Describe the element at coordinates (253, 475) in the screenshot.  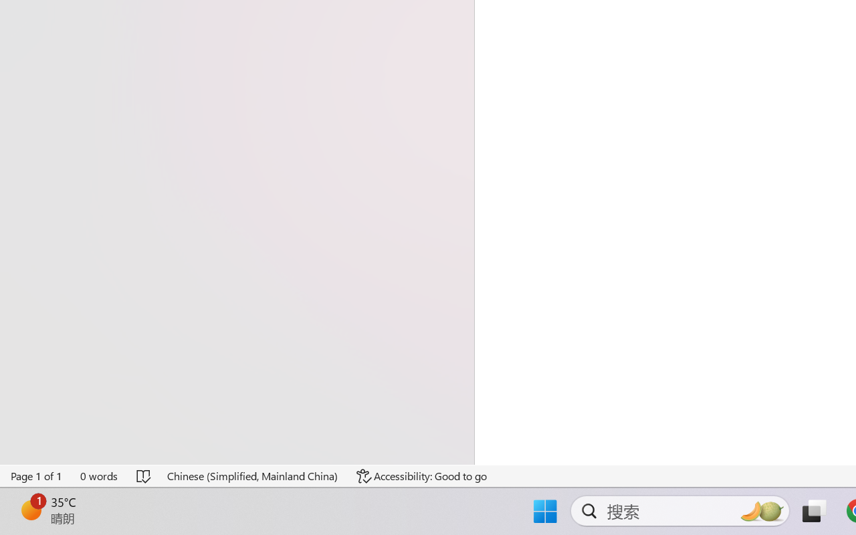
I see `'Language Chinese (Simplified, Mainland China)'` at that location.